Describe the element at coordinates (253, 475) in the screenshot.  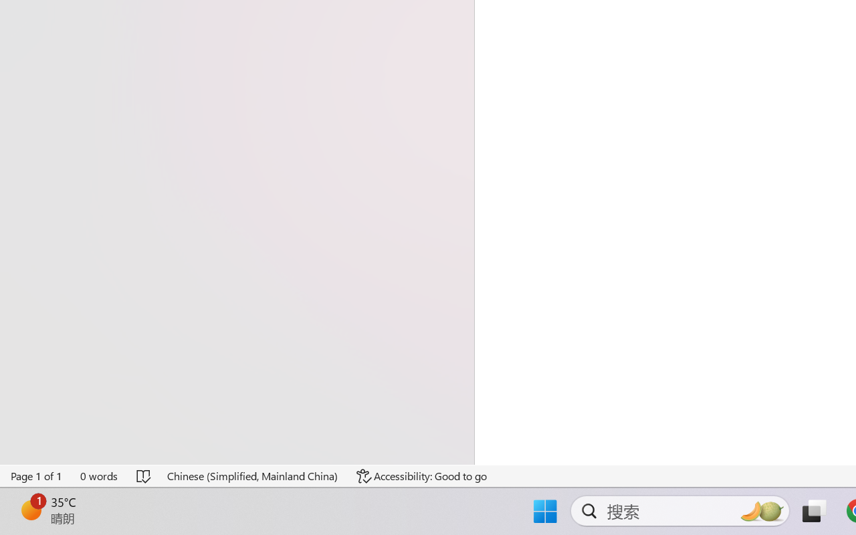
I see `'Language Chinese (Simplified, Mainland China)'` at that location.